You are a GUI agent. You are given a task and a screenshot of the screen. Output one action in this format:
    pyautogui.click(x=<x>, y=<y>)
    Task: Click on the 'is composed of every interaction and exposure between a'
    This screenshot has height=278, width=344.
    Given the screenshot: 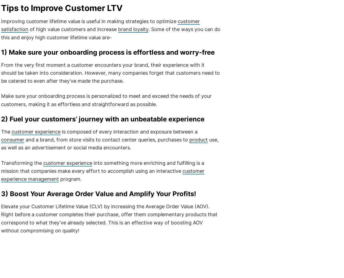 What is the action you would take?
    pyautogui.click(x=129, y=131)
    